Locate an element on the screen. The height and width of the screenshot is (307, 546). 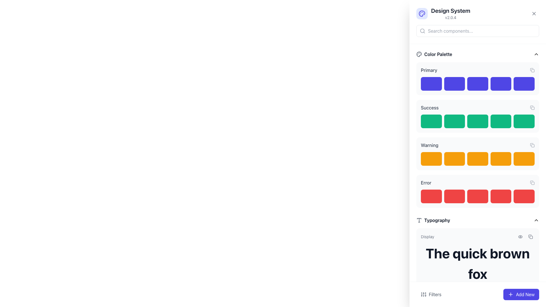
the Icon button located to the far right of the 'Success' row in the 'Color Palette' group to change its color is located at coordinates (532, 107).